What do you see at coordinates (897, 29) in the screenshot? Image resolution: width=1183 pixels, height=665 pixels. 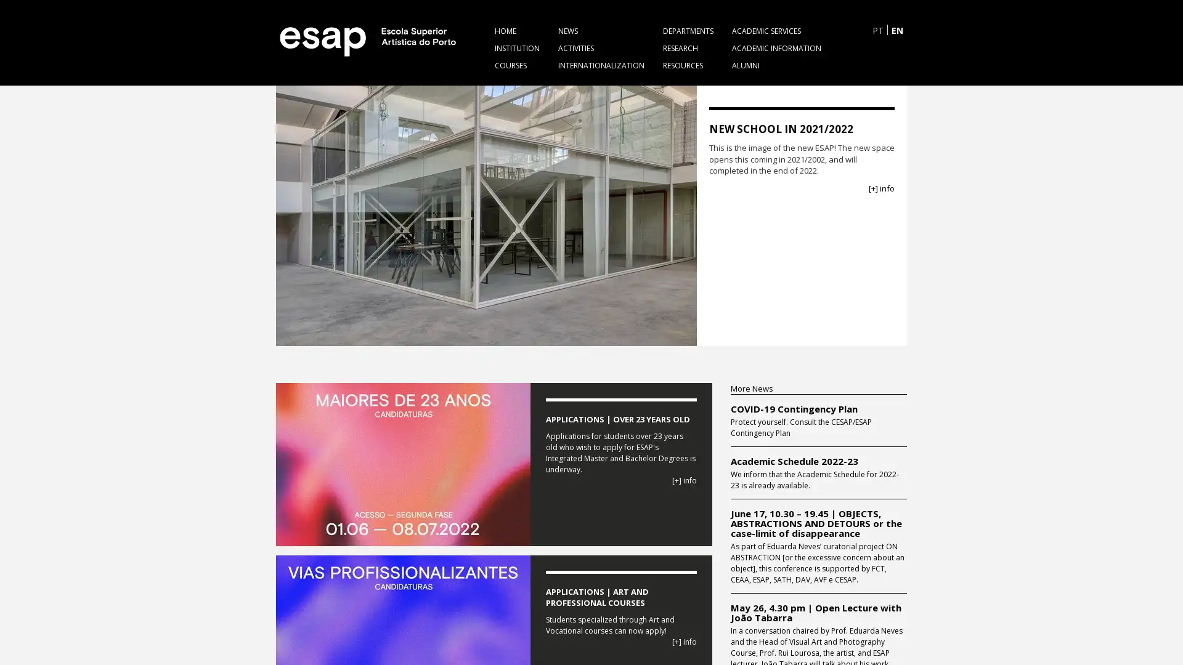 I see `EN` at bounding box center [897, 29].